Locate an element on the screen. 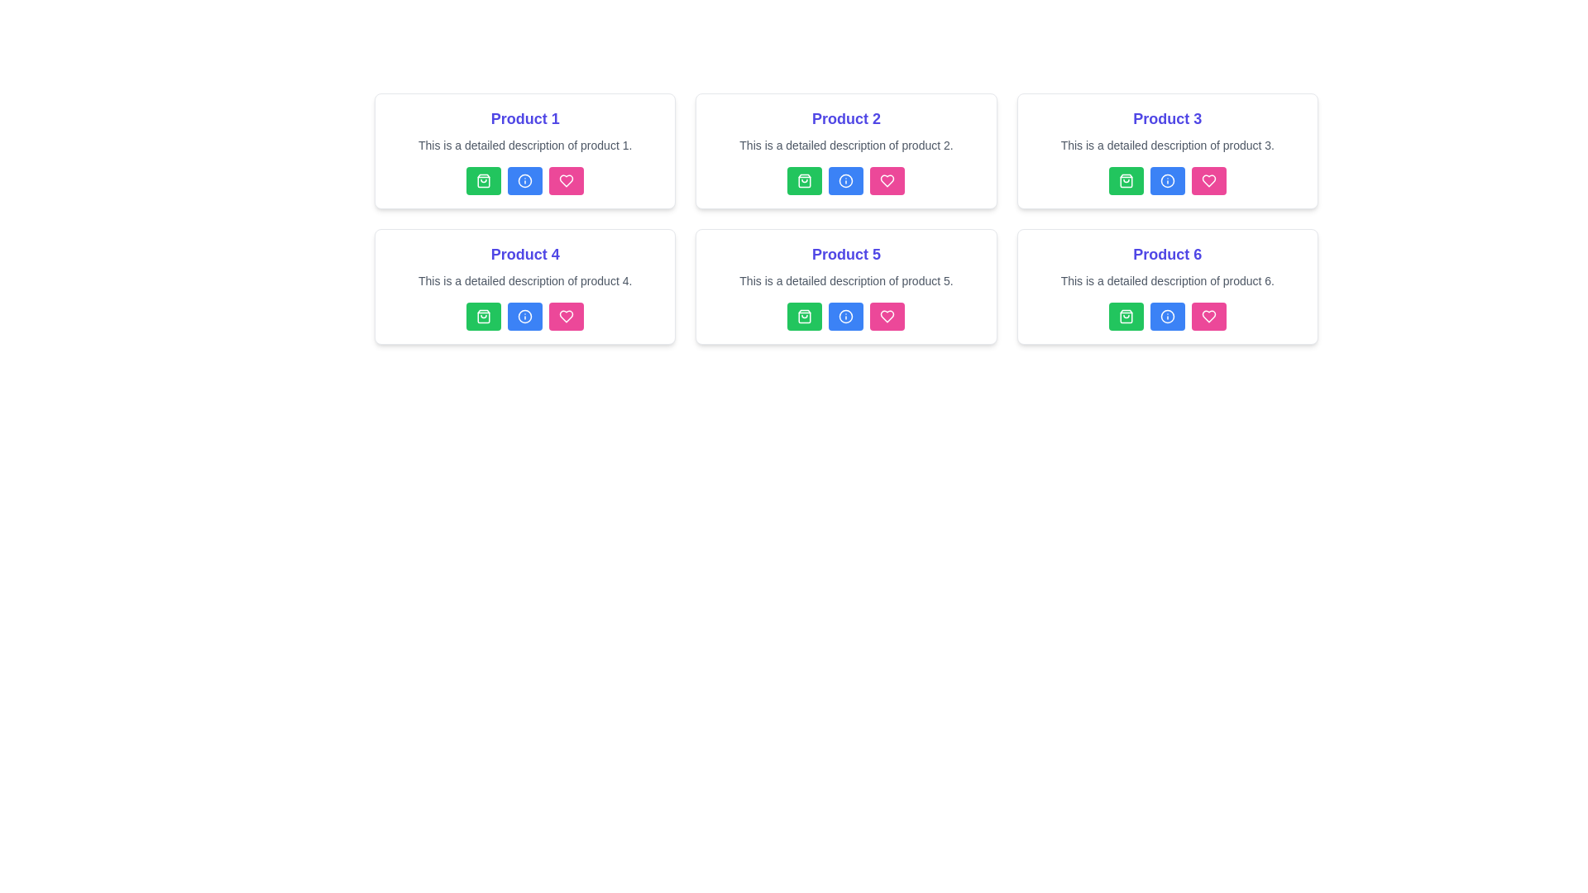 This screenshot has width=1588, height=893. the green rectangular button with rounded corners and a shopping bag icon located below the text 'Product 3' is located at coordinates (1125, 181).